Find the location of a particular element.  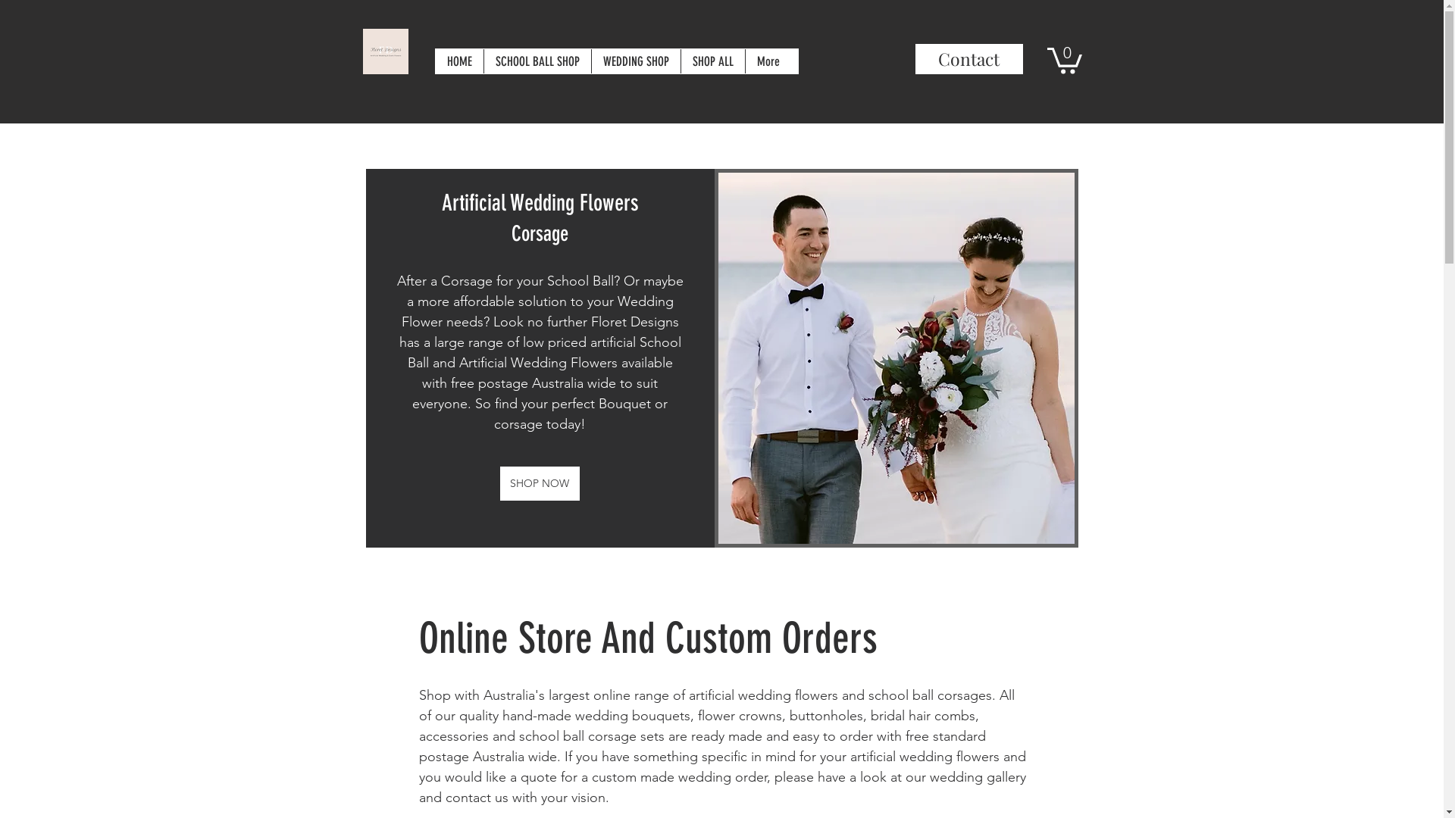

'0' is located at coordinates (1047, 58).